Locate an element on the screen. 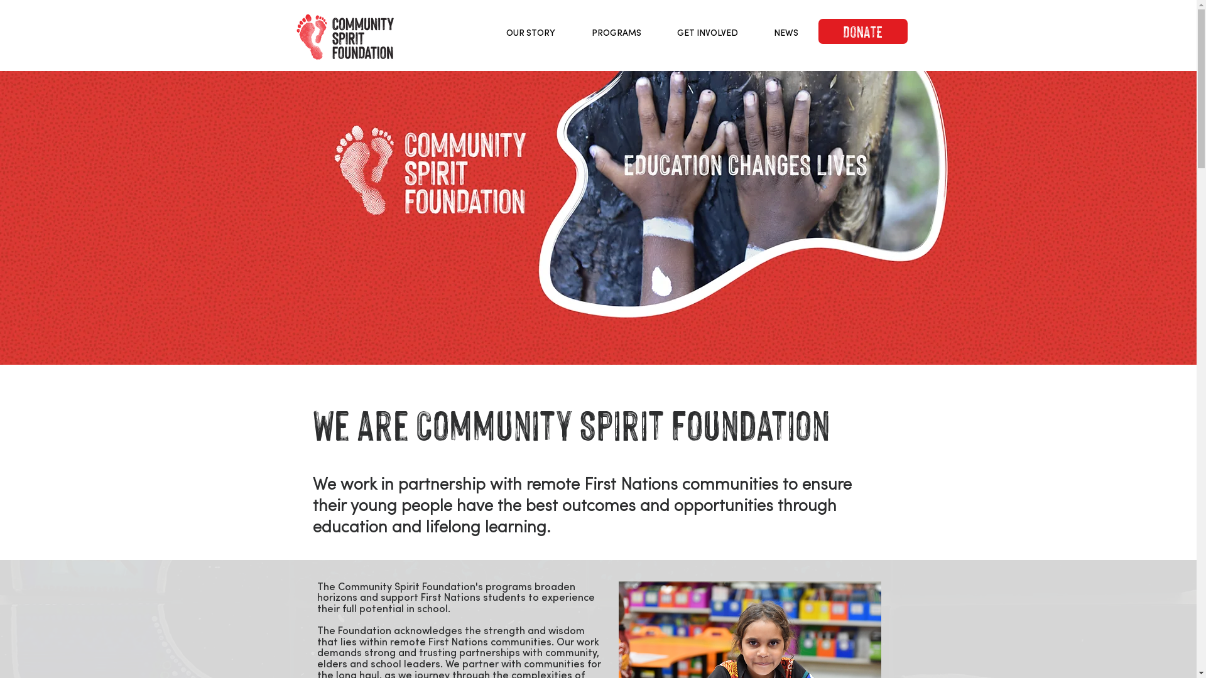 The image size is (1206, 678). 'DONATE' is located at coordinates (817, 31).